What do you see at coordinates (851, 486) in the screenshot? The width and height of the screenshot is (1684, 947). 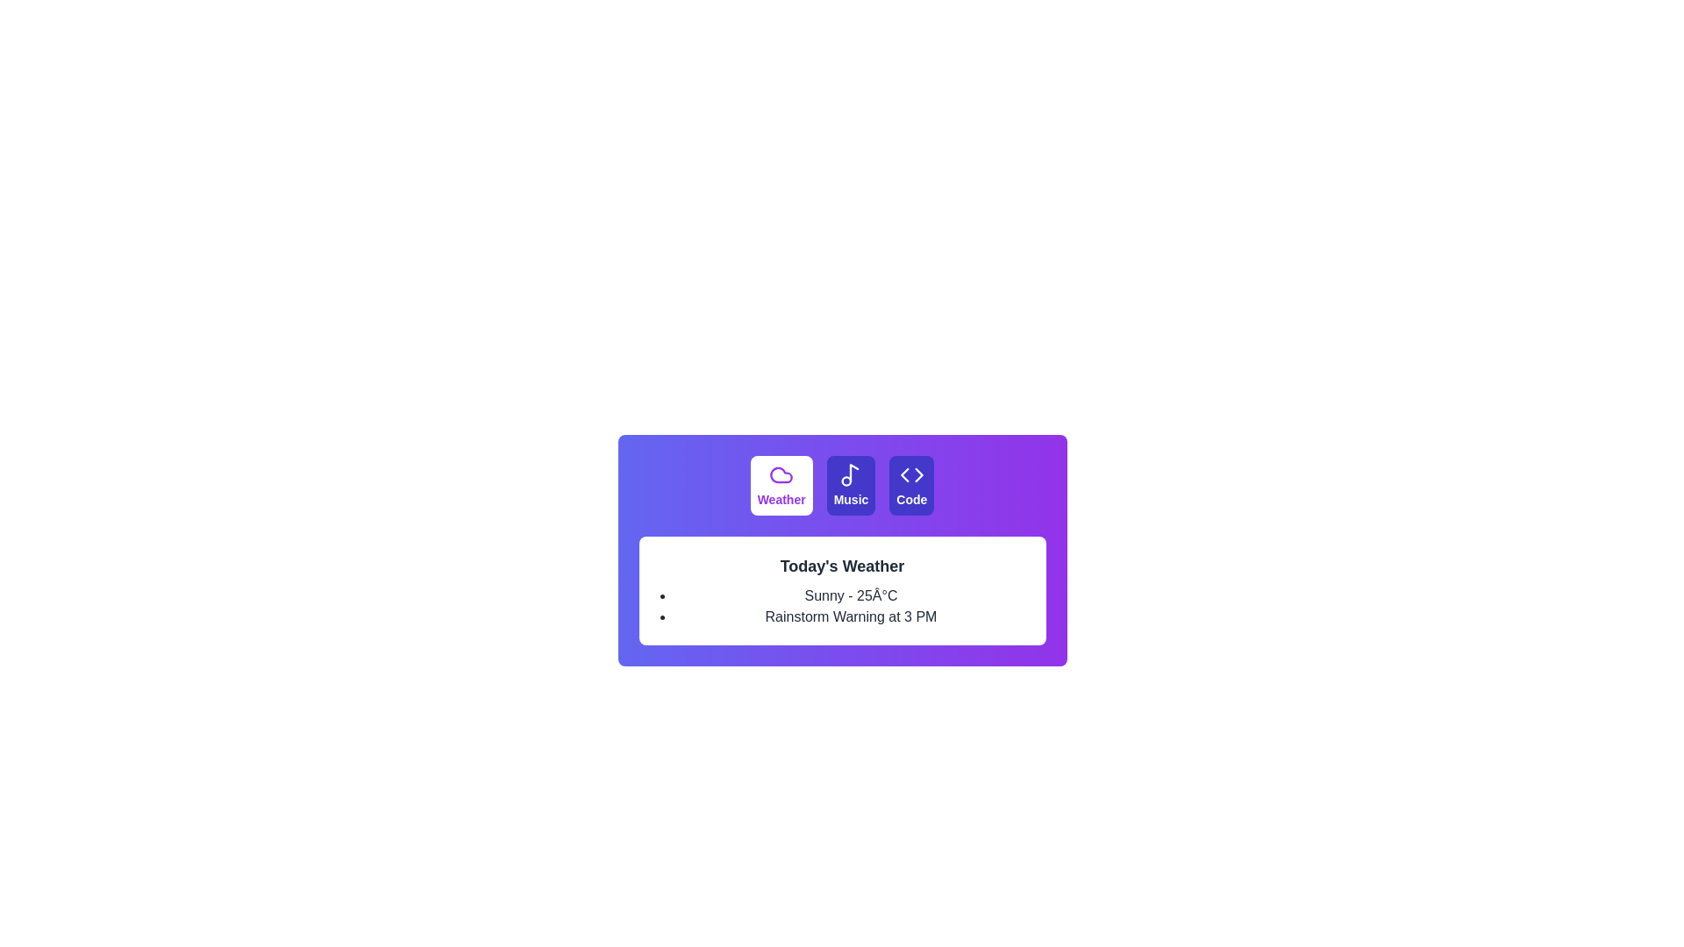 I see `the music feature button` at bounding box center [851, 486].